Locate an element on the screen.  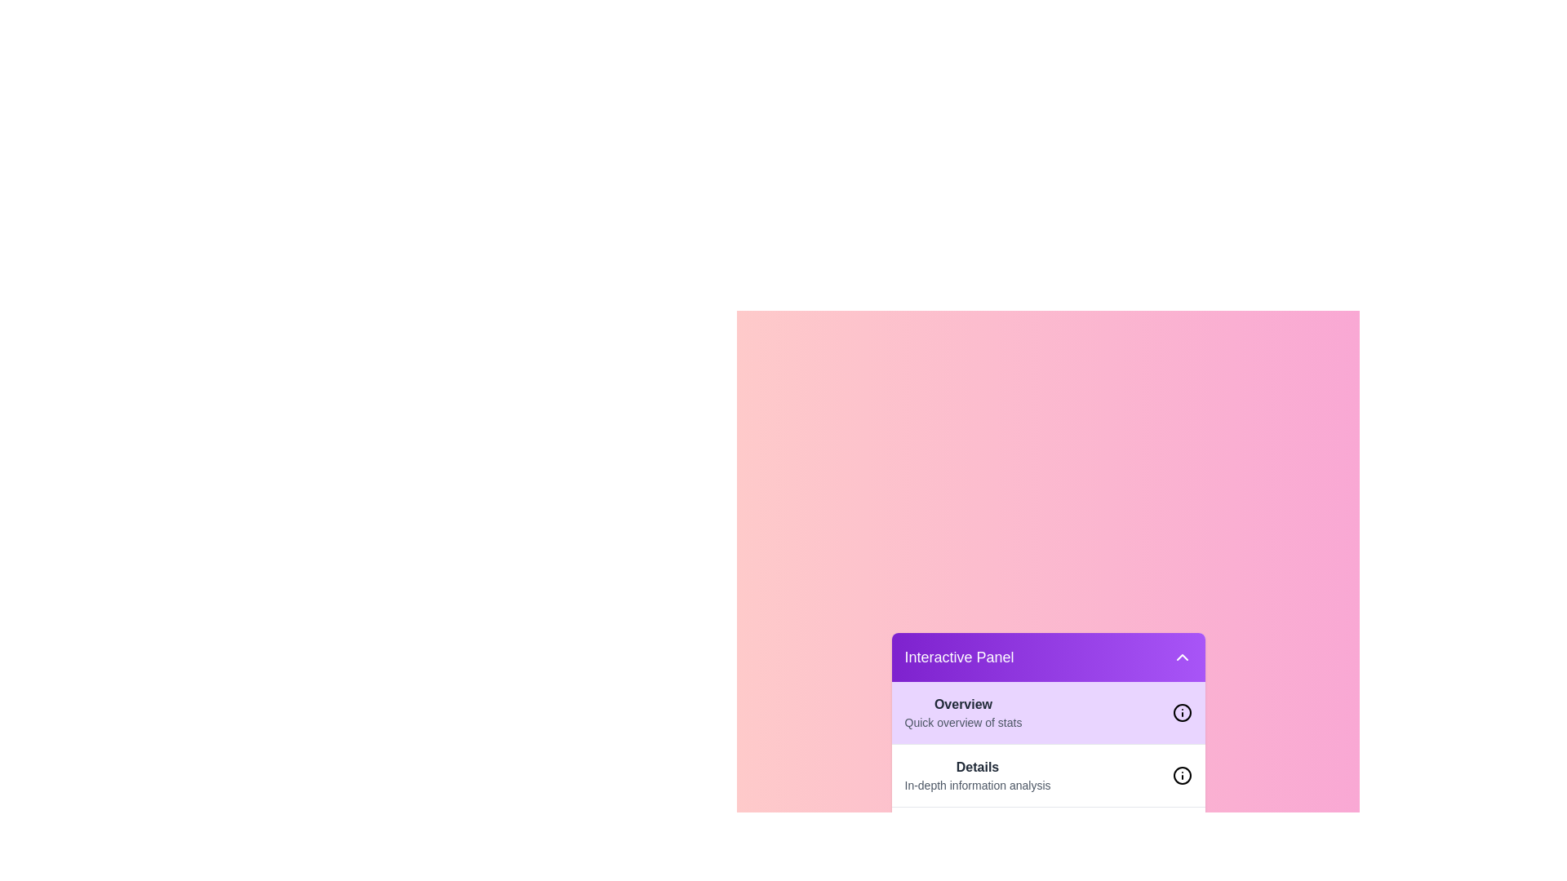
the chevron button to toggle the menu visibility is located at coordinates (1182, 657).